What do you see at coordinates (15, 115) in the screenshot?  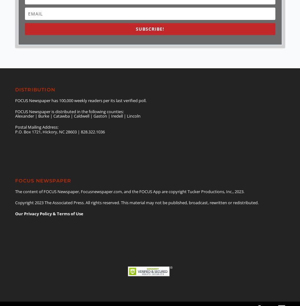 I see `'Alexander | Burke | Catawba | Caldwell | Gaston | Iredell | Lincoln'` at bounding box center [15, 115].